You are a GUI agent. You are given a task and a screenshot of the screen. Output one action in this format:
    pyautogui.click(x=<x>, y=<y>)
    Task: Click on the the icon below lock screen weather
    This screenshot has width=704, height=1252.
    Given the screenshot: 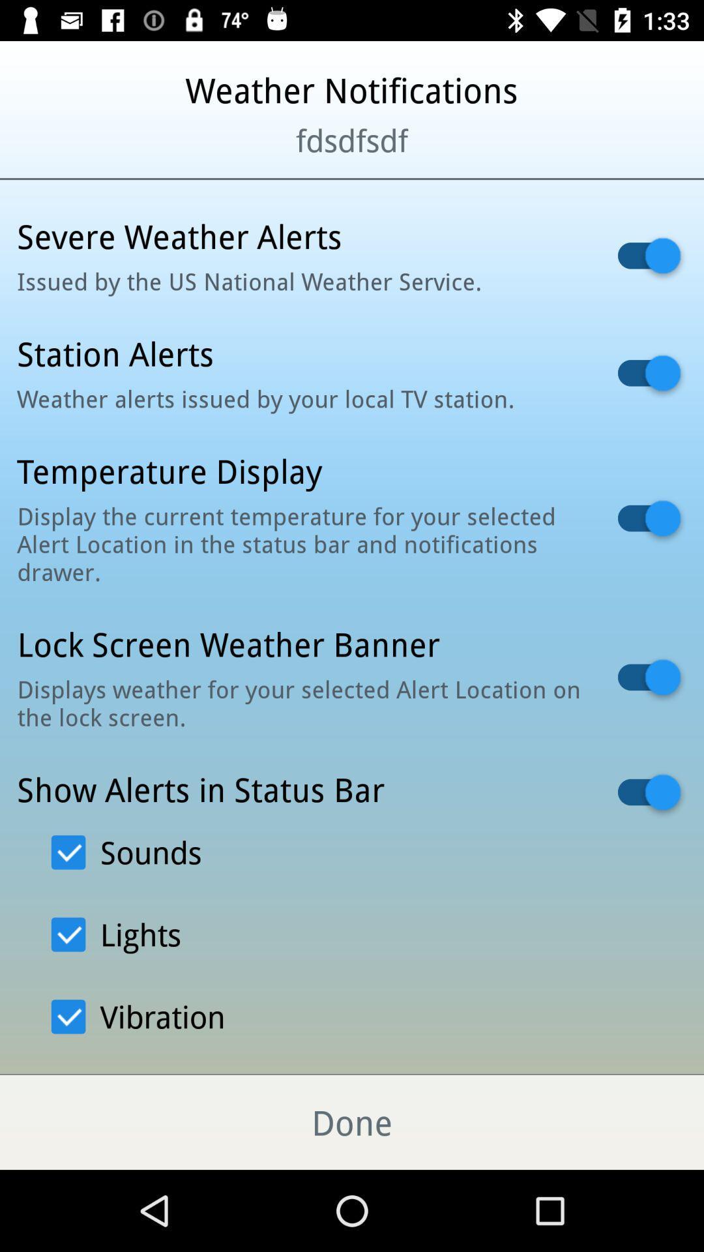 What is the action you would take?
    pyautogui.click(x=301, y=702)
    